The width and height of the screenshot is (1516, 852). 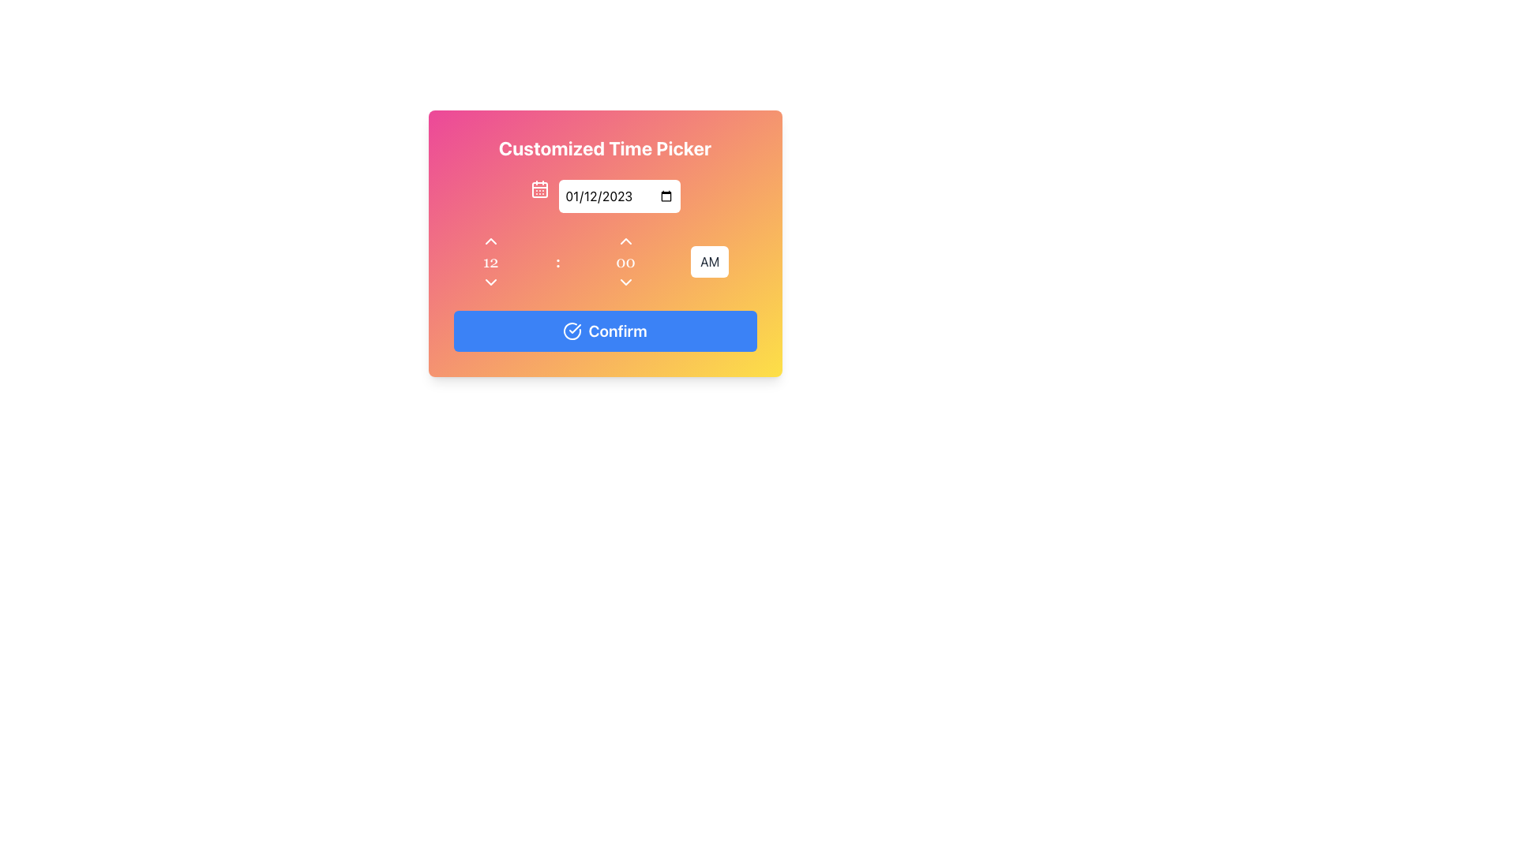 I want to click on the toggle button that switches between 'AM' and 'PM' in the time selection interface, located to the right of the hour and minute selectors, so click(x=708, y=260).